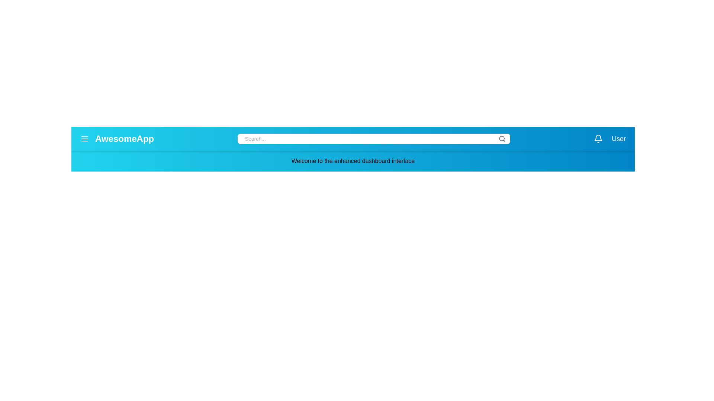 The width and height of the screenshot is (714, 401). I want to click on the magnifying glass icon located at the right side of the horizontal search bar to initiate a search, so click(502, 139).